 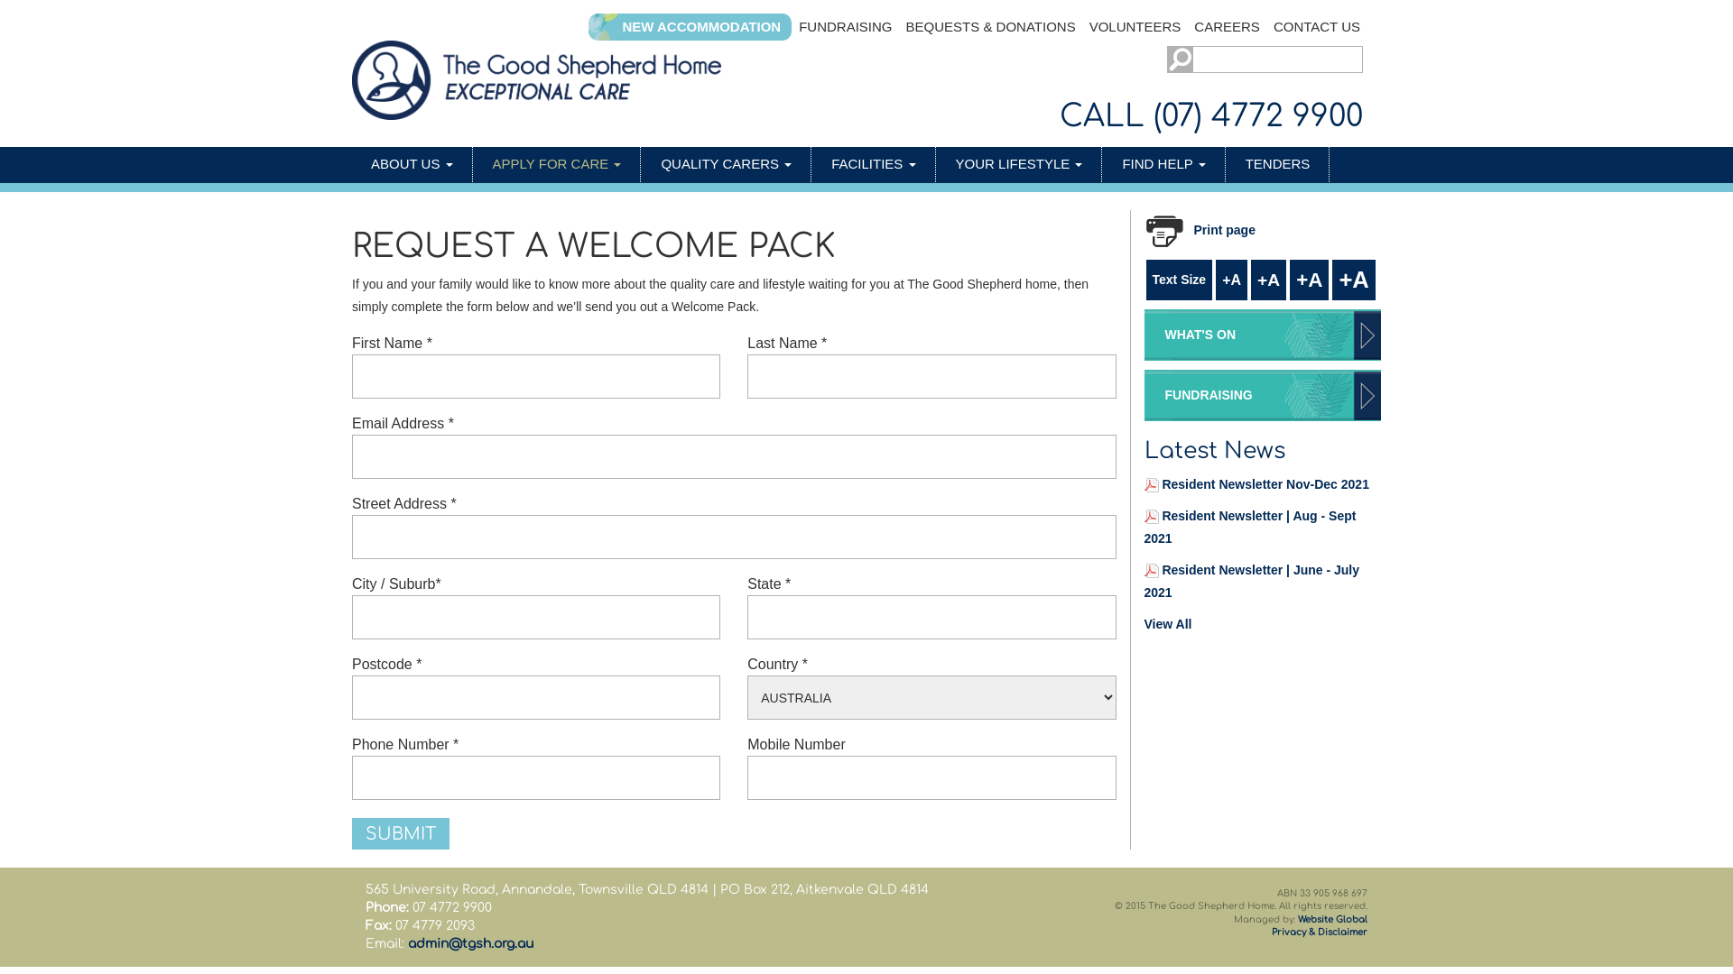 What do you see at coordinates (1332, 919) in the screenshot?
I see `'Website Global'` at bounding box center [1332, 919].